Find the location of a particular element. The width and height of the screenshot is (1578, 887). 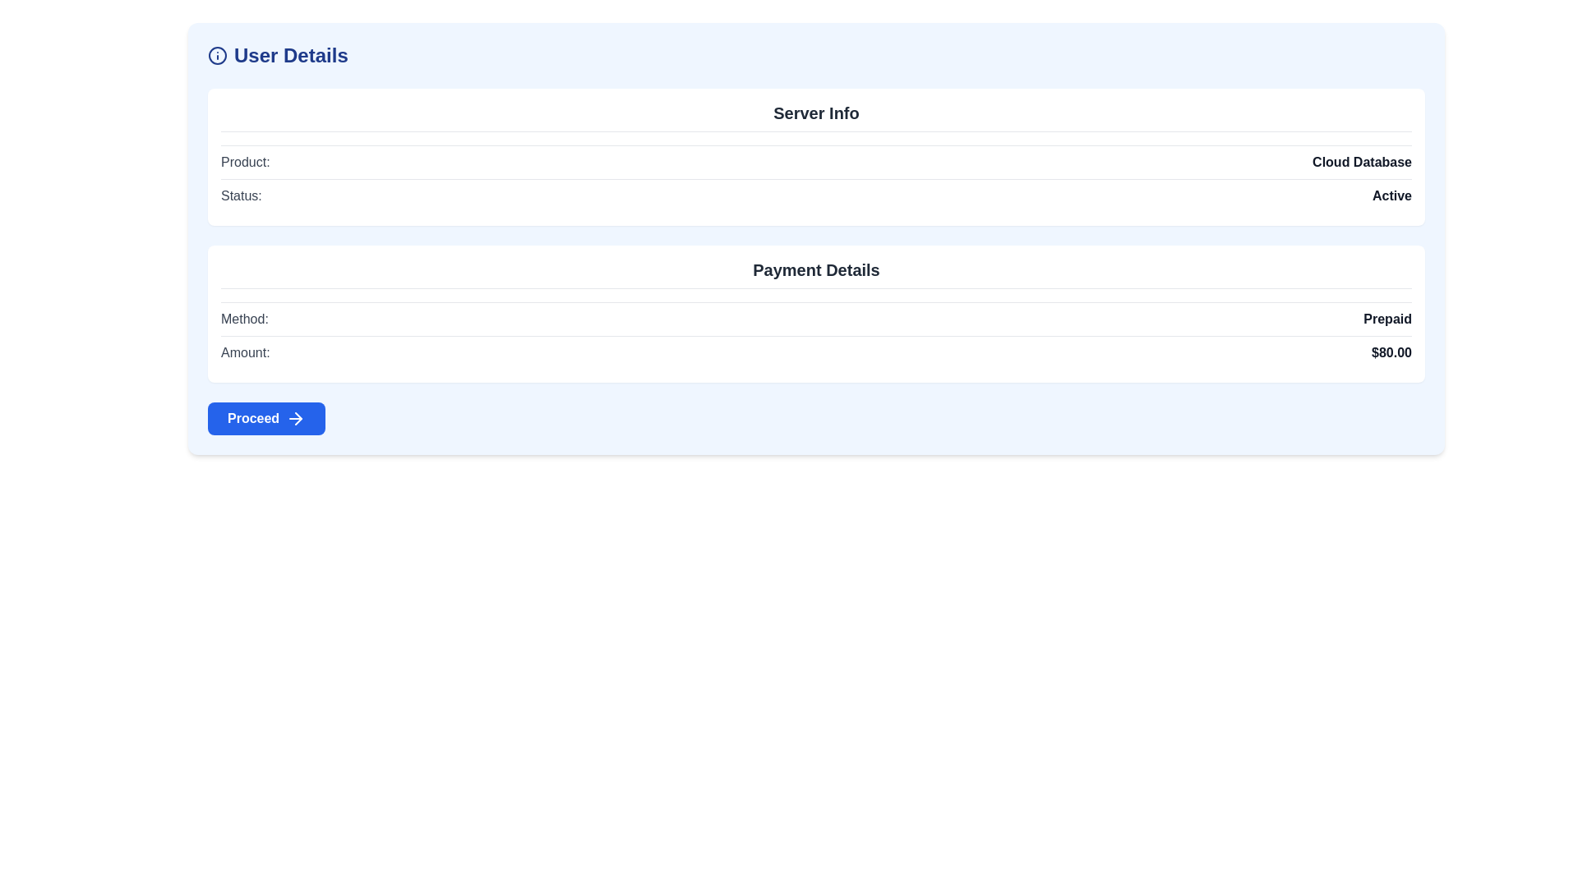

the informational icon located immediately to the left of the 'User Details' heading is located at coordinates (216, 55).